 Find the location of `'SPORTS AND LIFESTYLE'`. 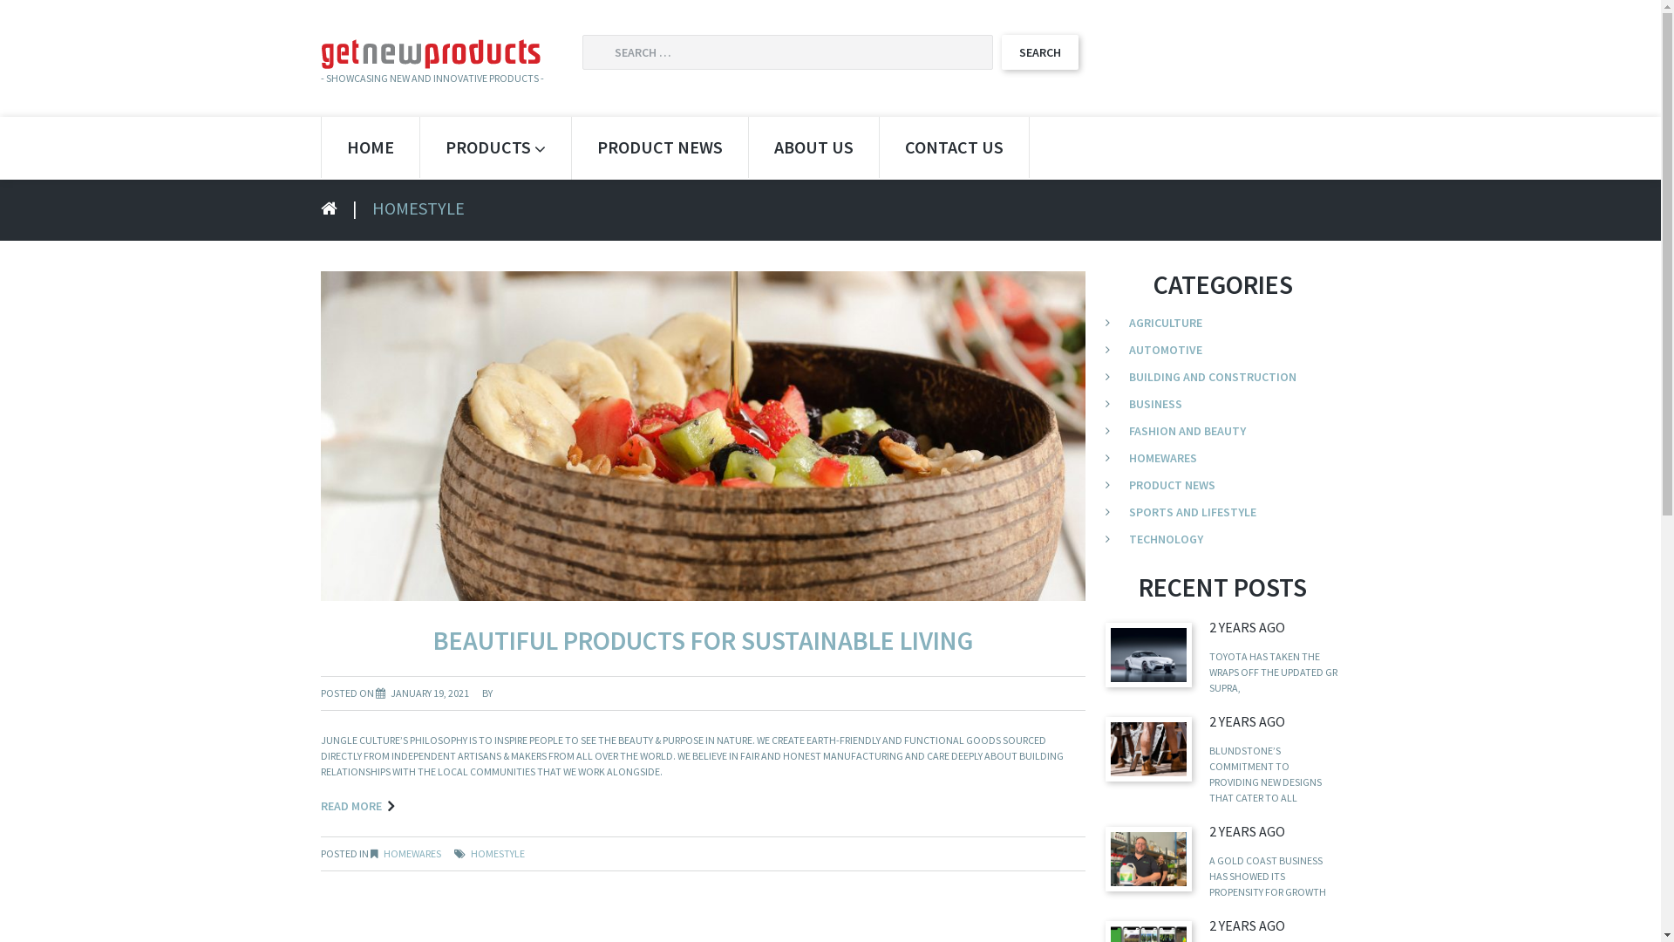

'SPORTS AND LIFESTYLE' is located at coordinates (1192, 510).